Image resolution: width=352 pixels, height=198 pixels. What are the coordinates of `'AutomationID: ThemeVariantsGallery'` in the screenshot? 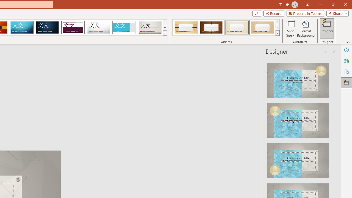 It's located at (226, 28).